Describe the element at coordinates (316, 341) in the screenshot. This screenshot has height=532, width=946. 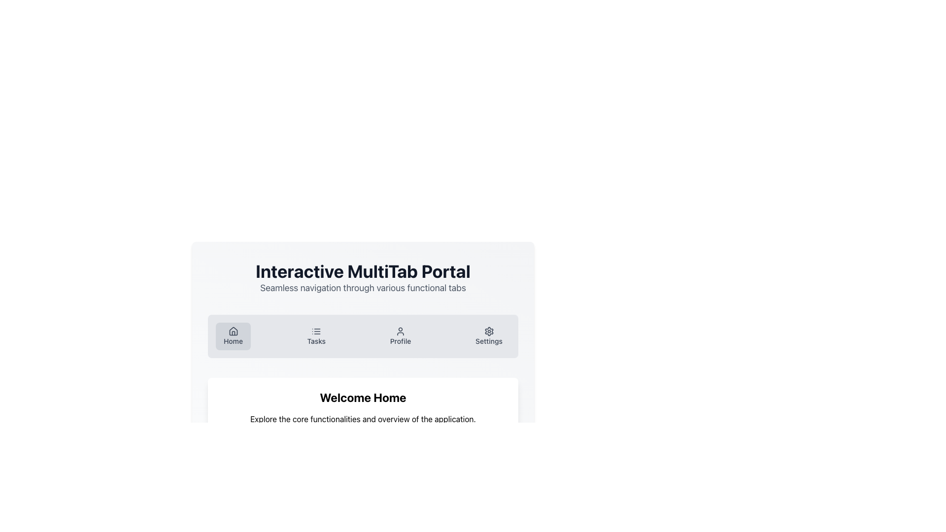
I see `the Text Label located in the second item of the horizontal navigation menu` at that location.